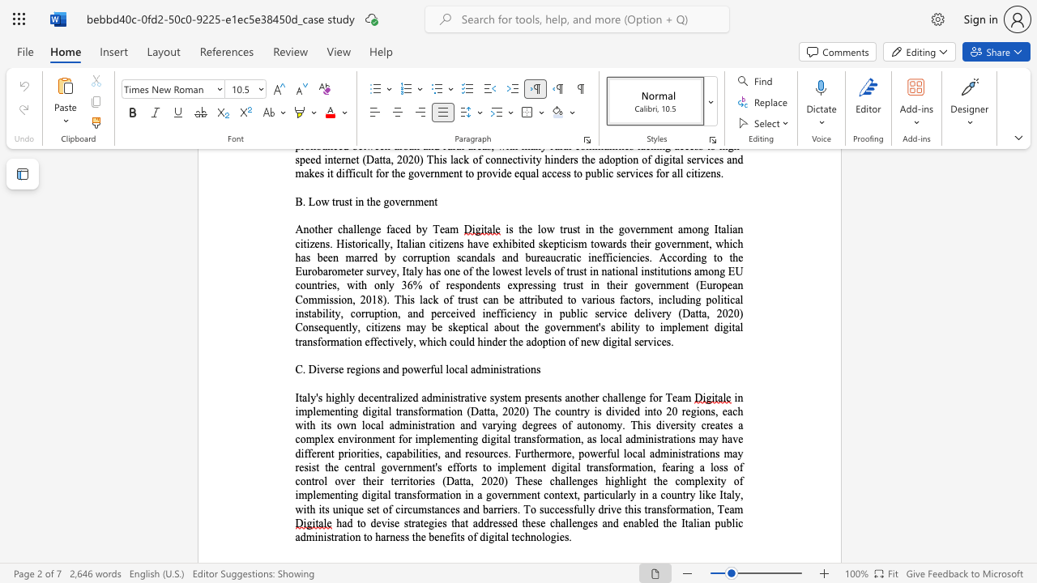 The image size is (1037, 583). What do you see at coordinates (357, 523) in the screenshot?
I see `the 1th character "t" in the text` at bounding box center [357, 523].